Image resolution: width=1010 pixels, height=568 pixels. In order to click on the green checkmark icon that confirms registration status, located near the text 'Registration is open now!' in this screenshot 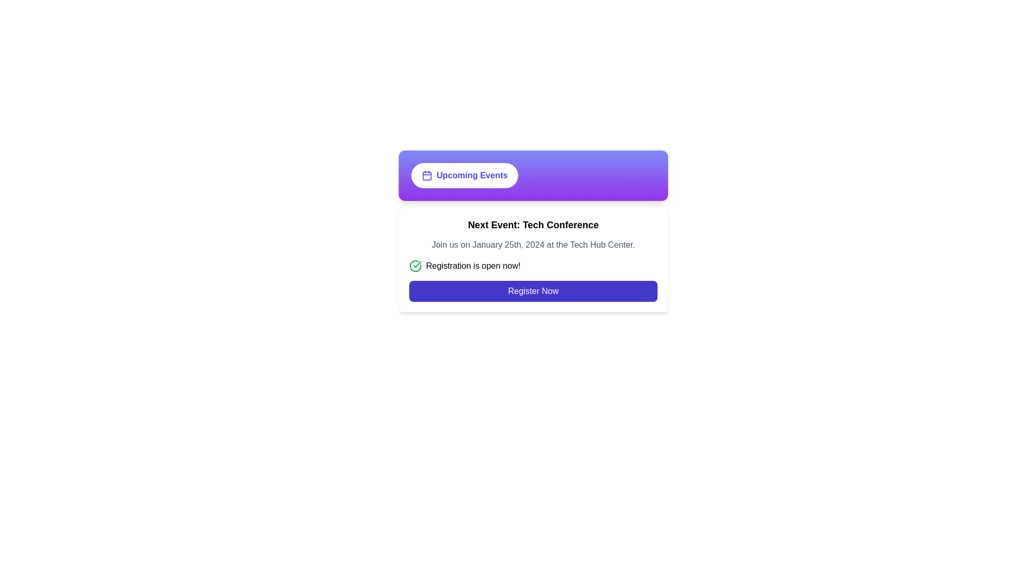, I will do `click(417, 263)`.